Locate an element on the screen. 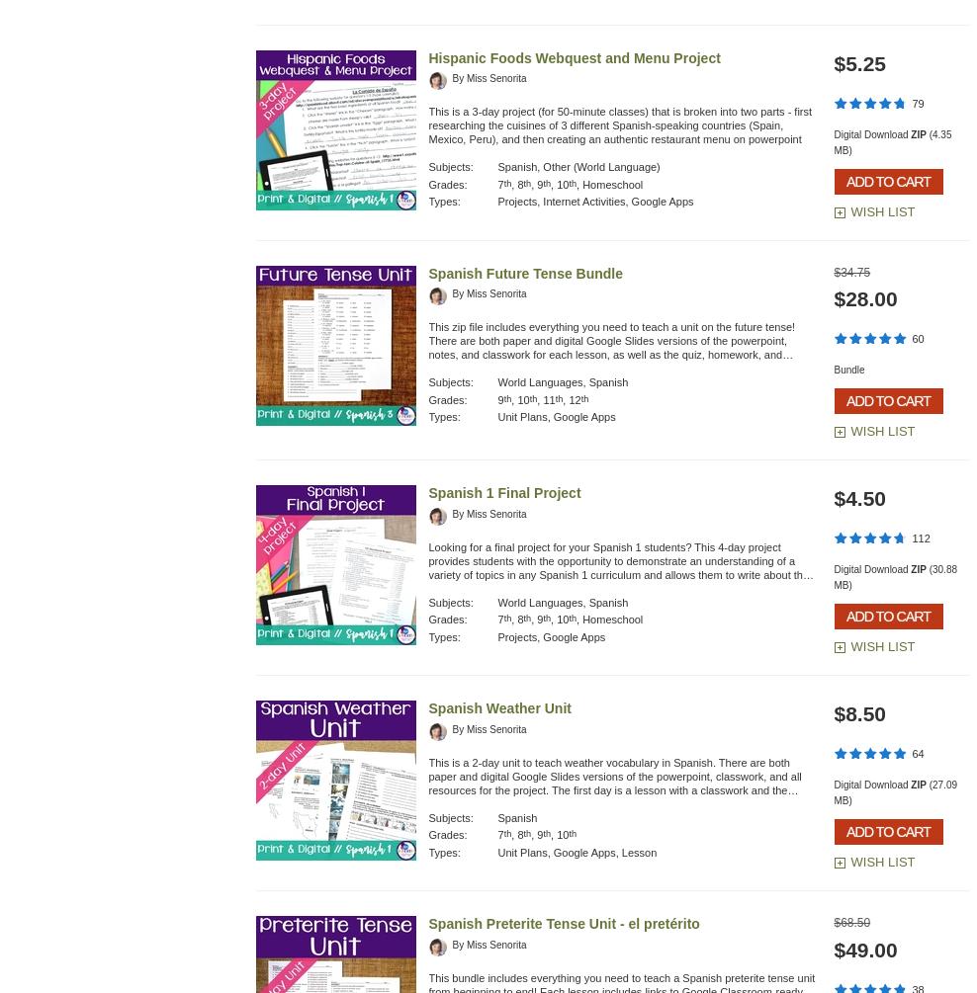 This screenshot has height=993, width=977. '$5.25' is located at coordinates (833, 62).